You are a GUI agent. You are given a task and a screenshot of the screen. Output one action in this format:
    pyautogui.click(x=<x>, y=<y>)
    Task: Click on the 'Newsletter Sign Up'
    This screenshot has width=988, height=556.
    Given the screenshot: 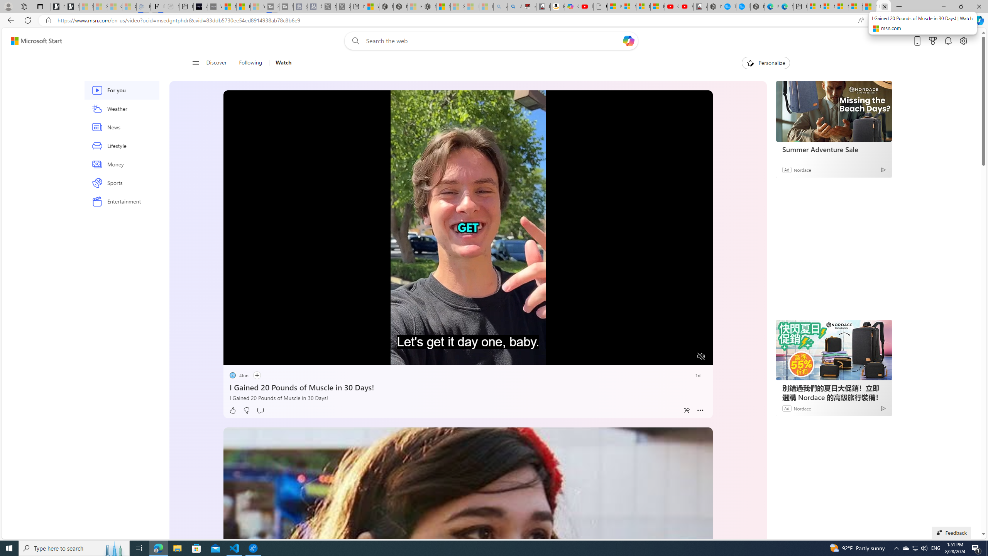 What is the action you would take?
    pyautogui.click(x=72, y=6)
    